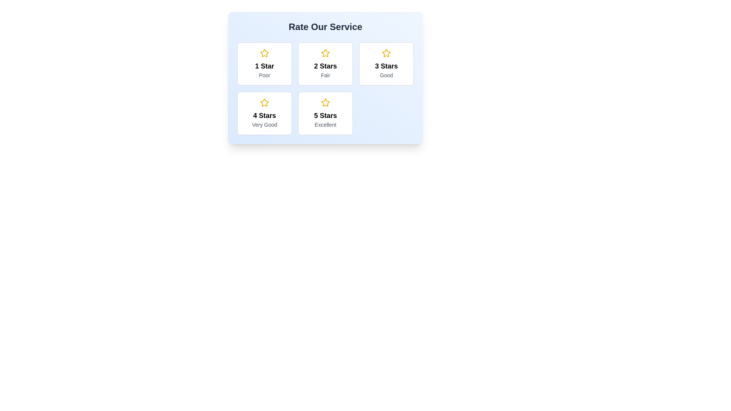  What do you see at coordinates (325, 53) in the screenshot?
I see `the 2-star rating icon located at the top of the card labeled '2 Stars' and 'Fair' in the second column of the first row in the grid layout` at bounding box center [325, 53].